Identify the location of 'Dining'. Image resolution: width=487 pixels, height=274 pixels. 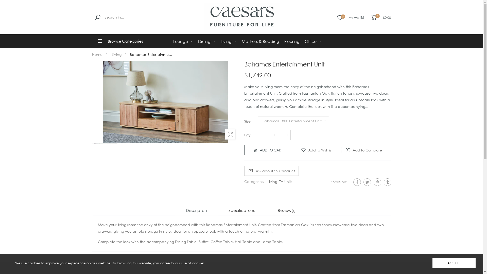
(206, 41).